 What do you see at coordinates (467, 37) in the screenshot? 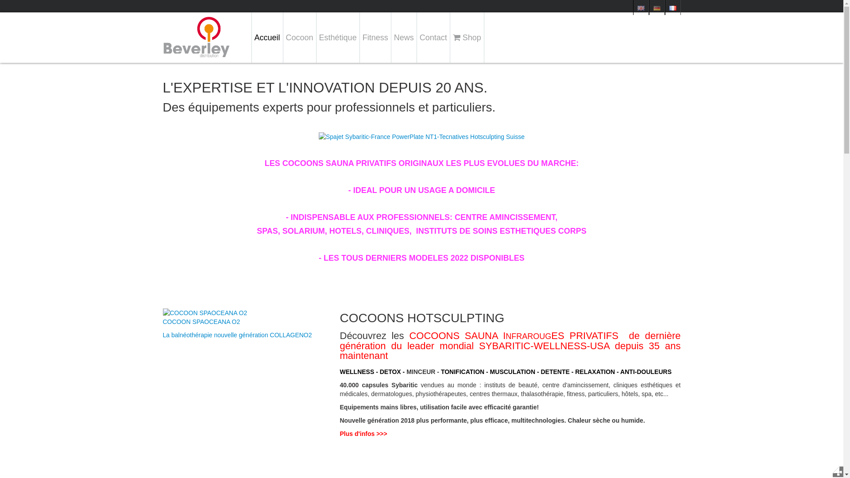
I see `'Shop'` at bounding box center [467, 37].